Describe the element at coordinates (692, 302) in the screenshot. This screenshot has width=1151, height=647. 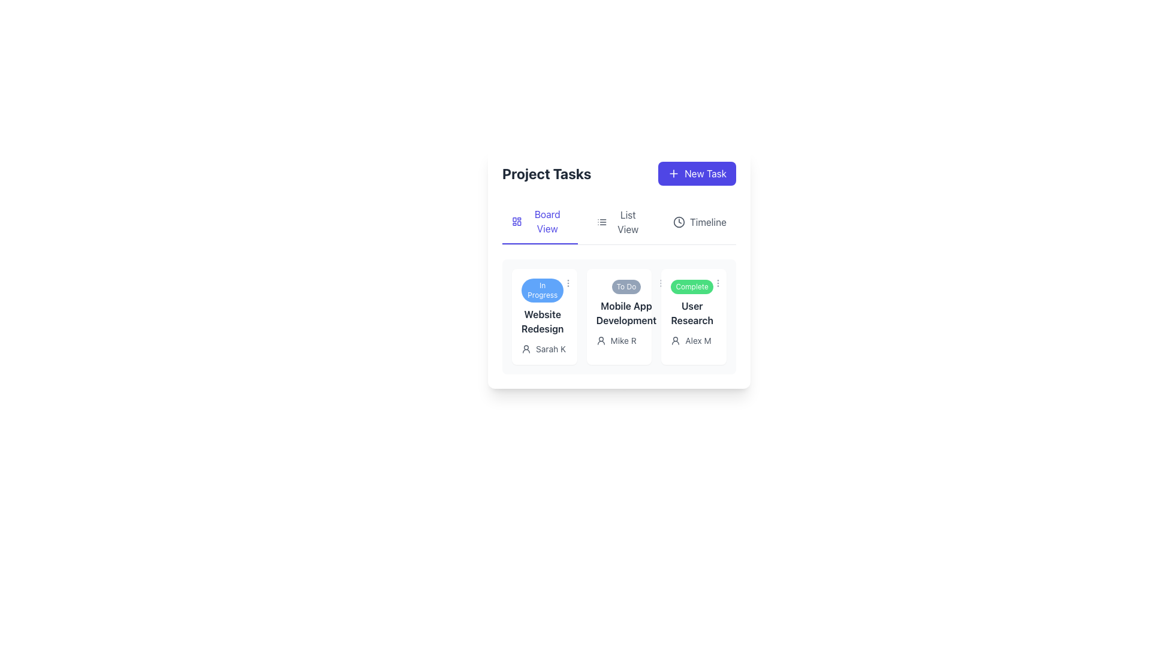
I see `the 'User Research' card which has a green 'Complete' badge at the top and is the third card in the 'Project Tasks' section under 'Board View'` at that location.